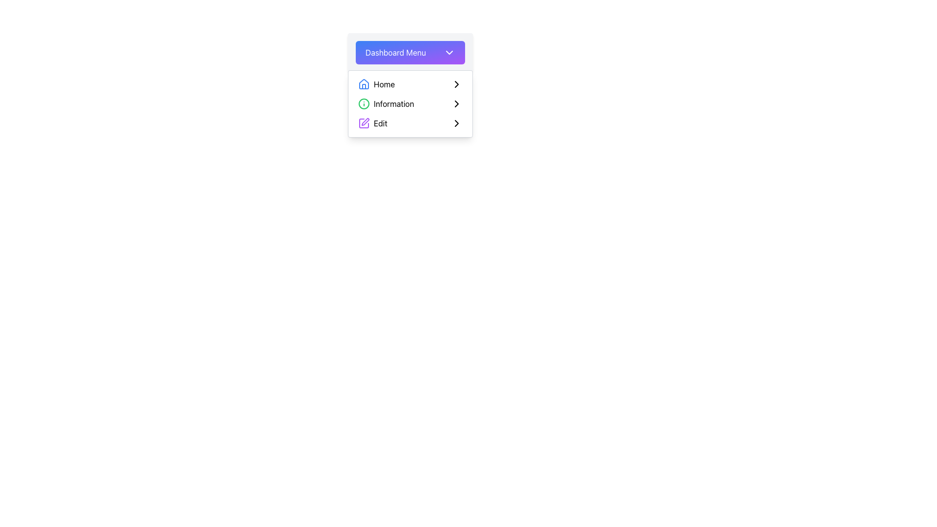 The height and width of the screenshot is (527, 937). I want to click on the text label that serves as a descriptive name for the second item in the vertical dropdown menu, located to the right of the green information icon, so click(394, 103).